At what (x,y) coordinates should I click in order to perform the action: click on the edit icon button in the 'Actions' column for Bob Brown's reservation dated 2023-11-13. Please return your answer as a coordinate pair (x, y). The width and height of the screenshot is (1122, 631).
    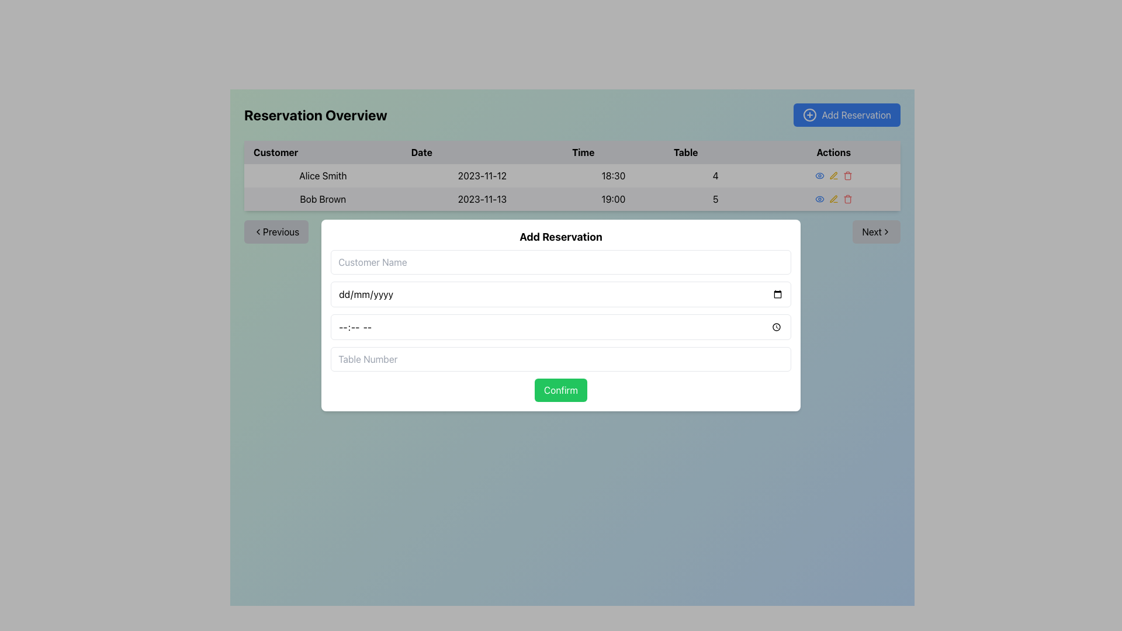
    Looking at the image, I should click on (833, 198).